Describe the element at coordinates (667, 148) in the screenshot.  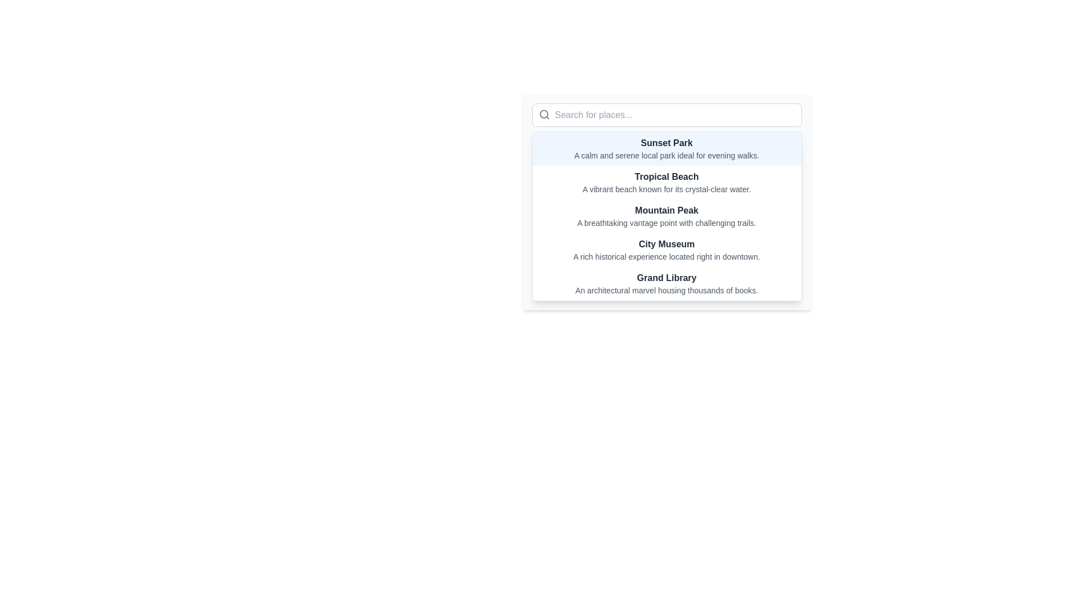
I see `the static informational display for 'Sunset Park', which is the first item in the list and located directly below the search bar` at that location.